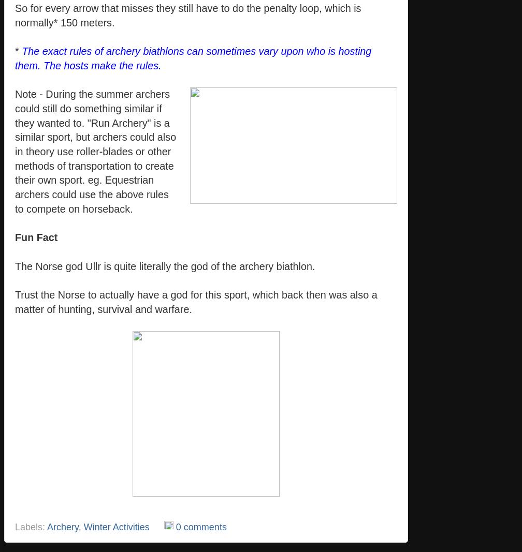 This screenshot has height=552, width=522. I want to click on 'Labels:', so click(31, 527).